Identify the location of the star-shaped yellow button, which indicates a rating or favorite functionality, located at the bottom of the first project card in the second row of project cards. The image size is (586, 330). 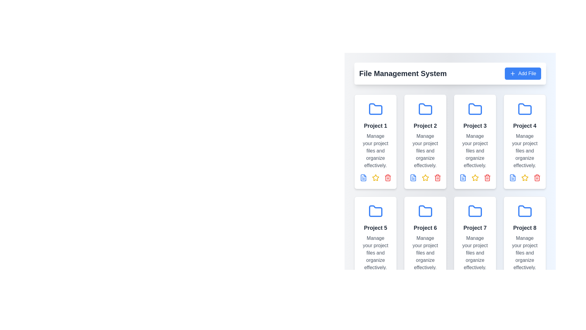
(425, 178).